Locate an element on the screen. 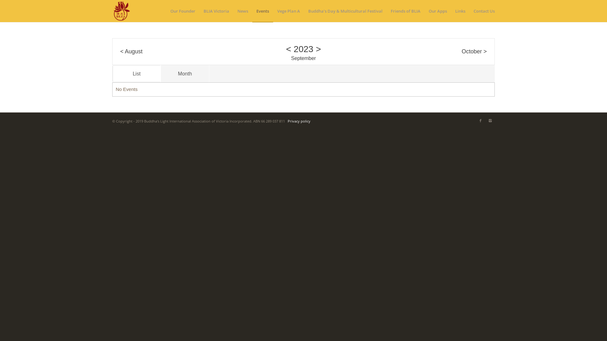  'Friends of BLIA' is located at coordinates (405, 11).